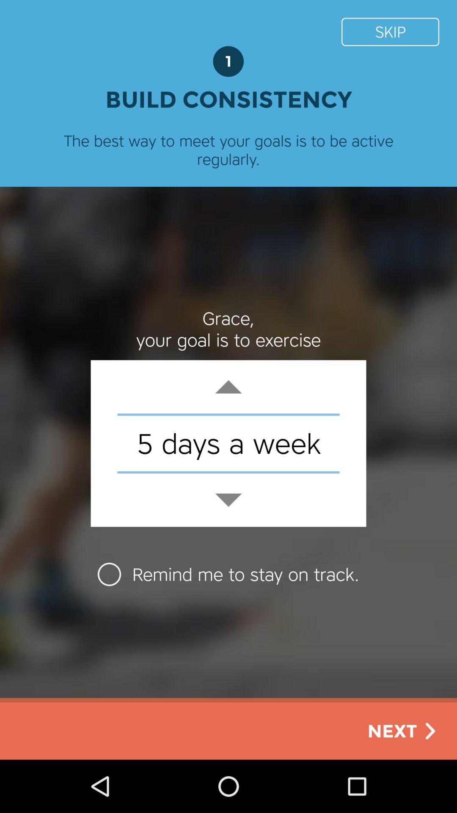 The image size is (457, 813). I want to click on icon to the right of 1, so click(390, 32).